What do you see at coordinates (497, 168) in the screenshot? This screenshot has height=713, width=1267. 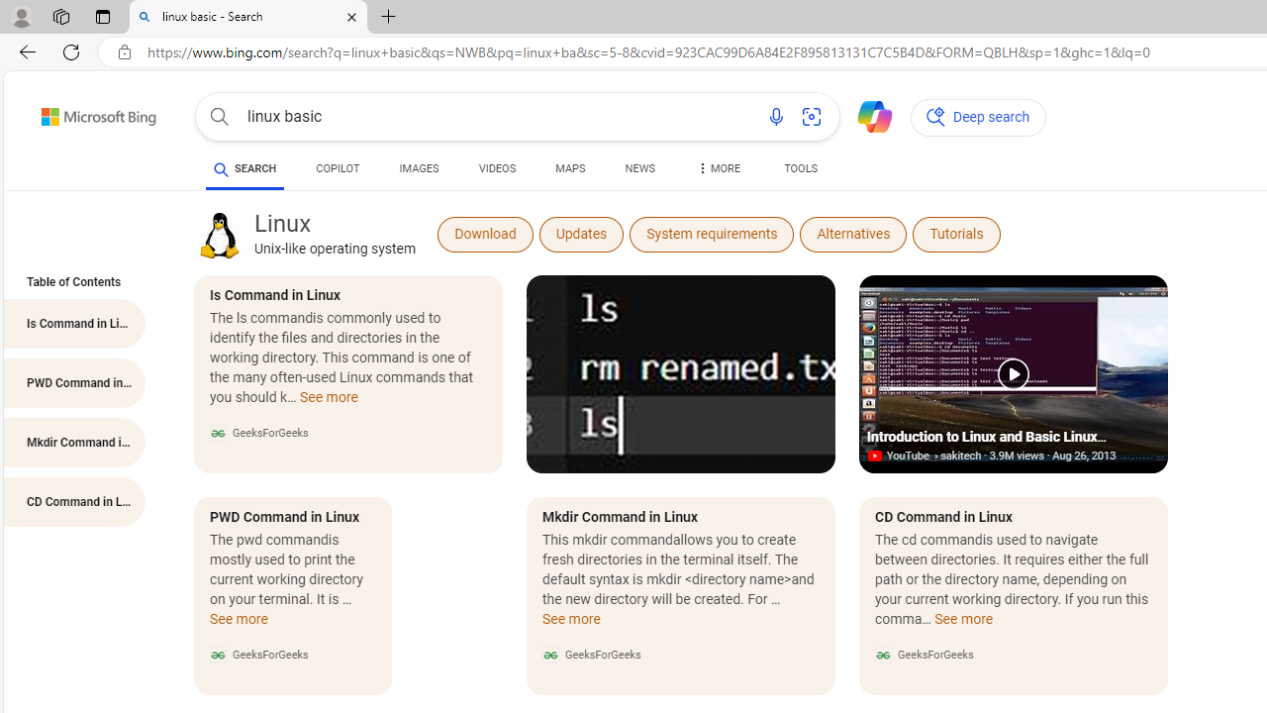 I see `'VIDEOS'` at bounding box center [497, 168].